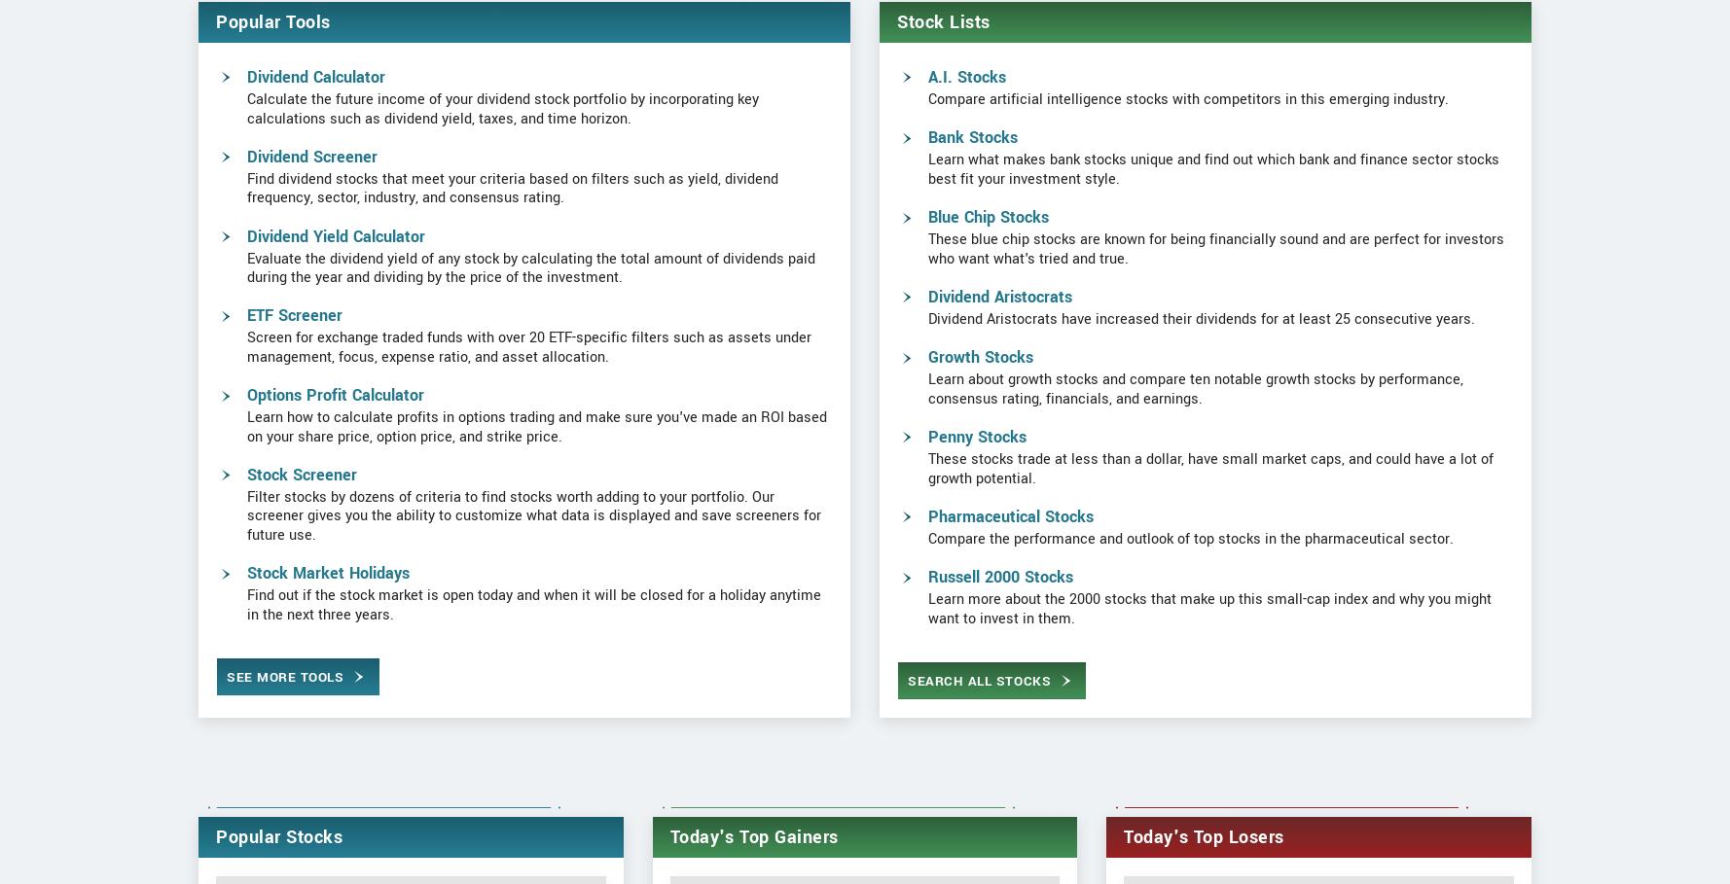  I want to click on 'Penny Stocks', so click(927, 511).